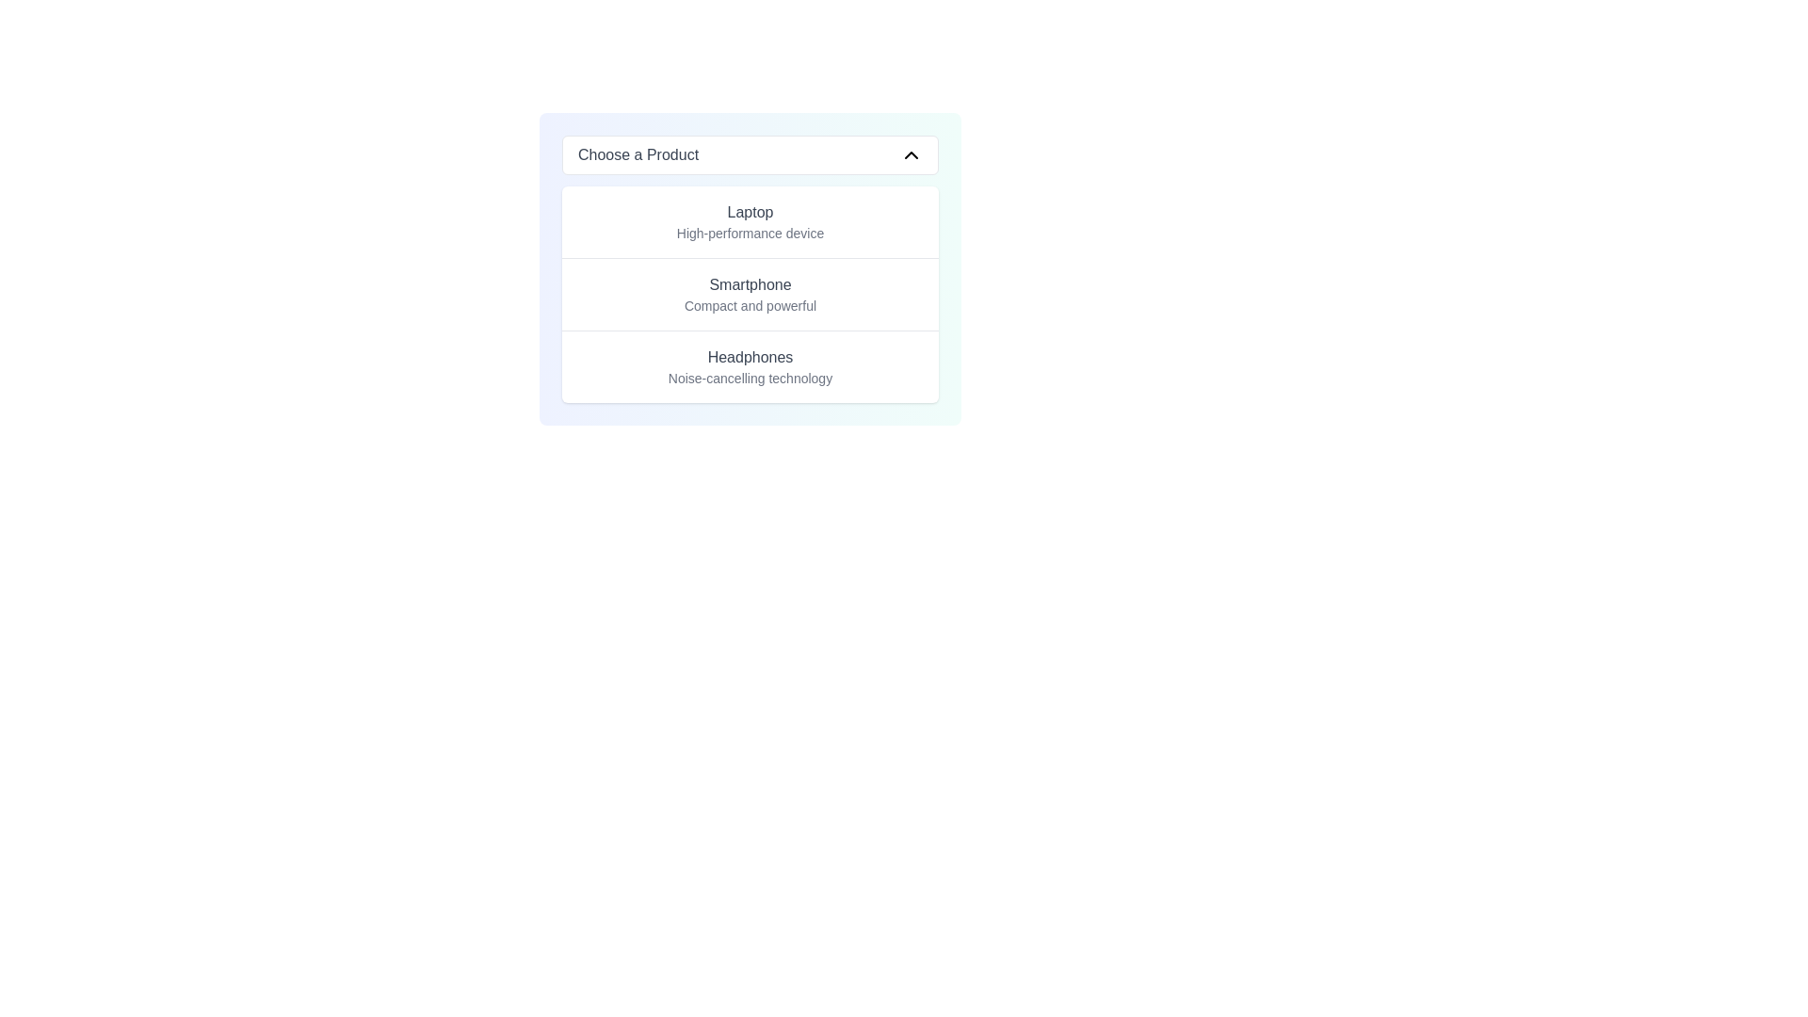 This screenshot has width=1808, height=1017. Describe the element at coordinates (749, 268) in the screenshot. I see `the list item displaying 'Smartphone' with the description 'Compact and powerful'` at that location.